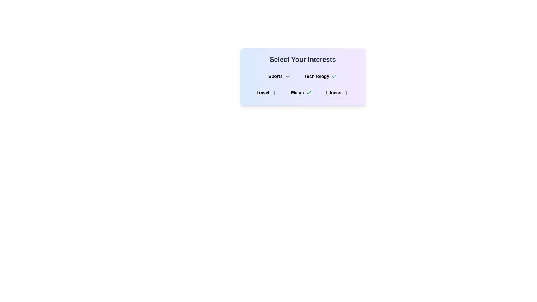 The width and height of the screenshot is (537, 302). What do you see at coordinates (279, 76) in the screenshot?
I see `the interest category Sports by clicking its button` at bounding box center [279, 76].